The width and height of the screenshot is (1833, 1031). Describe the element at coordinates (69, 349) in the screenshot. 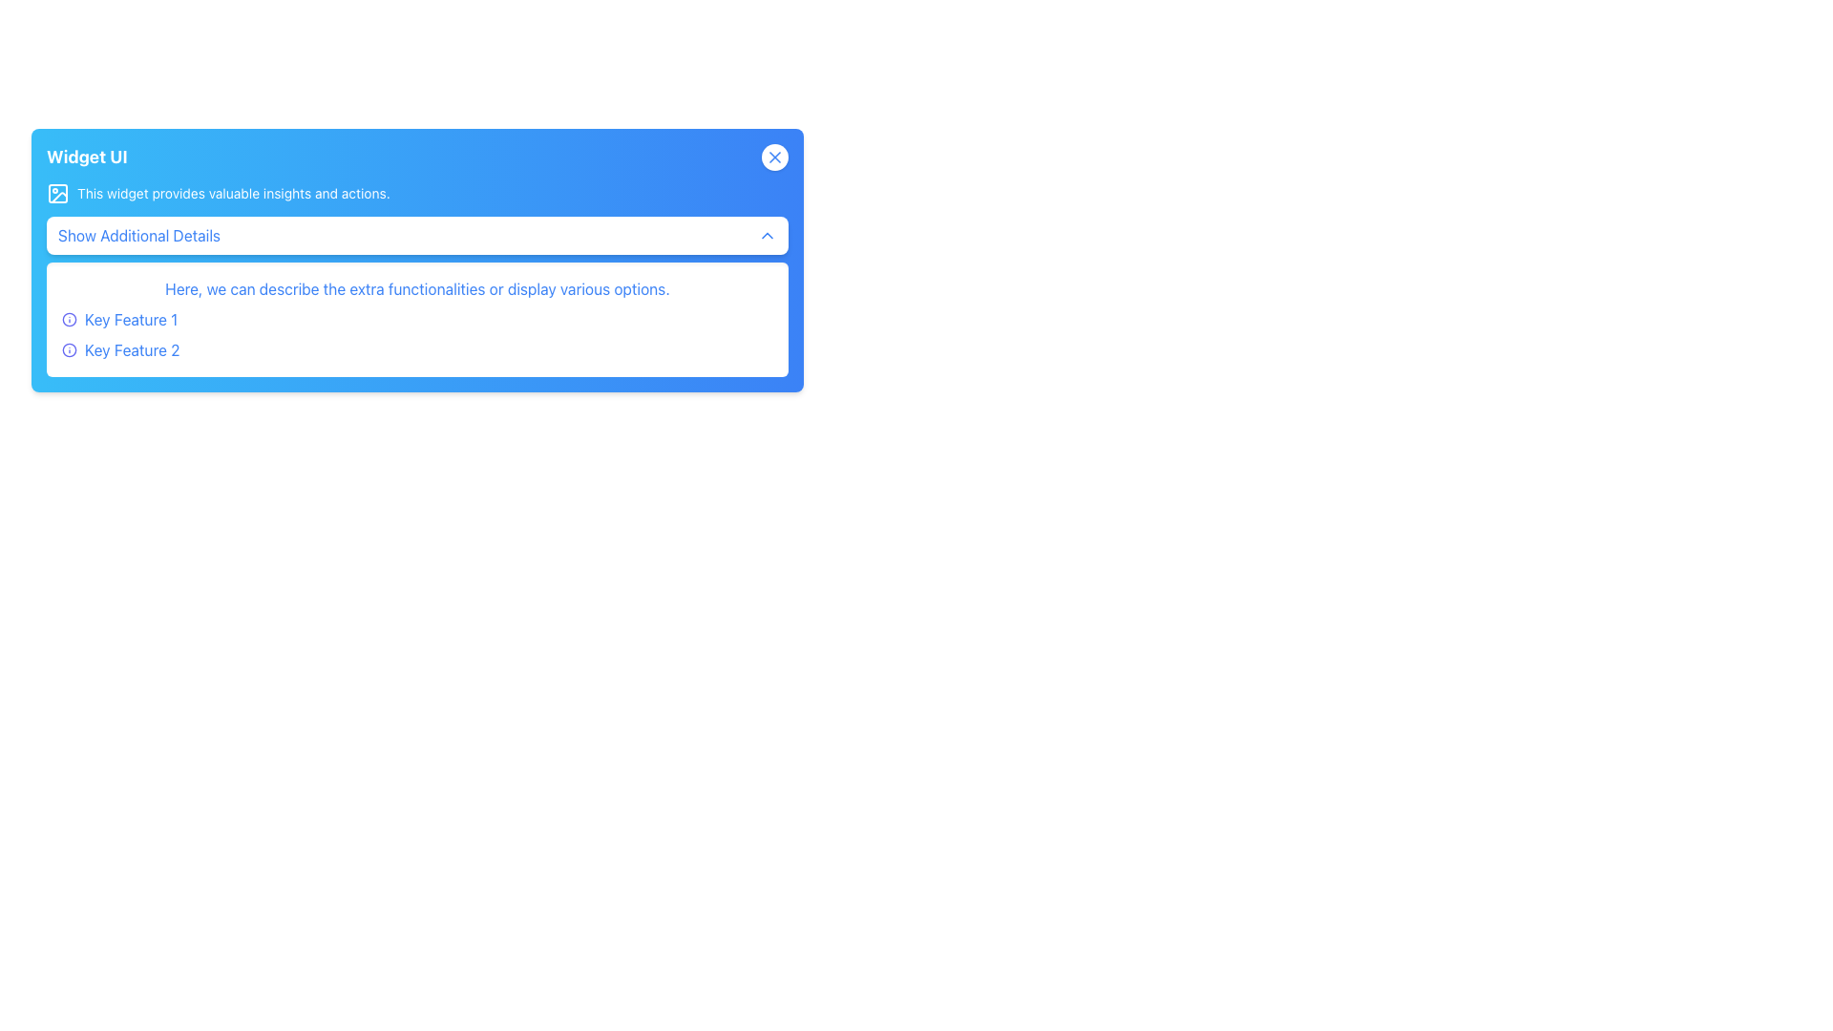

I see `SVG circle icon with a blue outline located near the top-left corner of the widget interface for design details` at that location.